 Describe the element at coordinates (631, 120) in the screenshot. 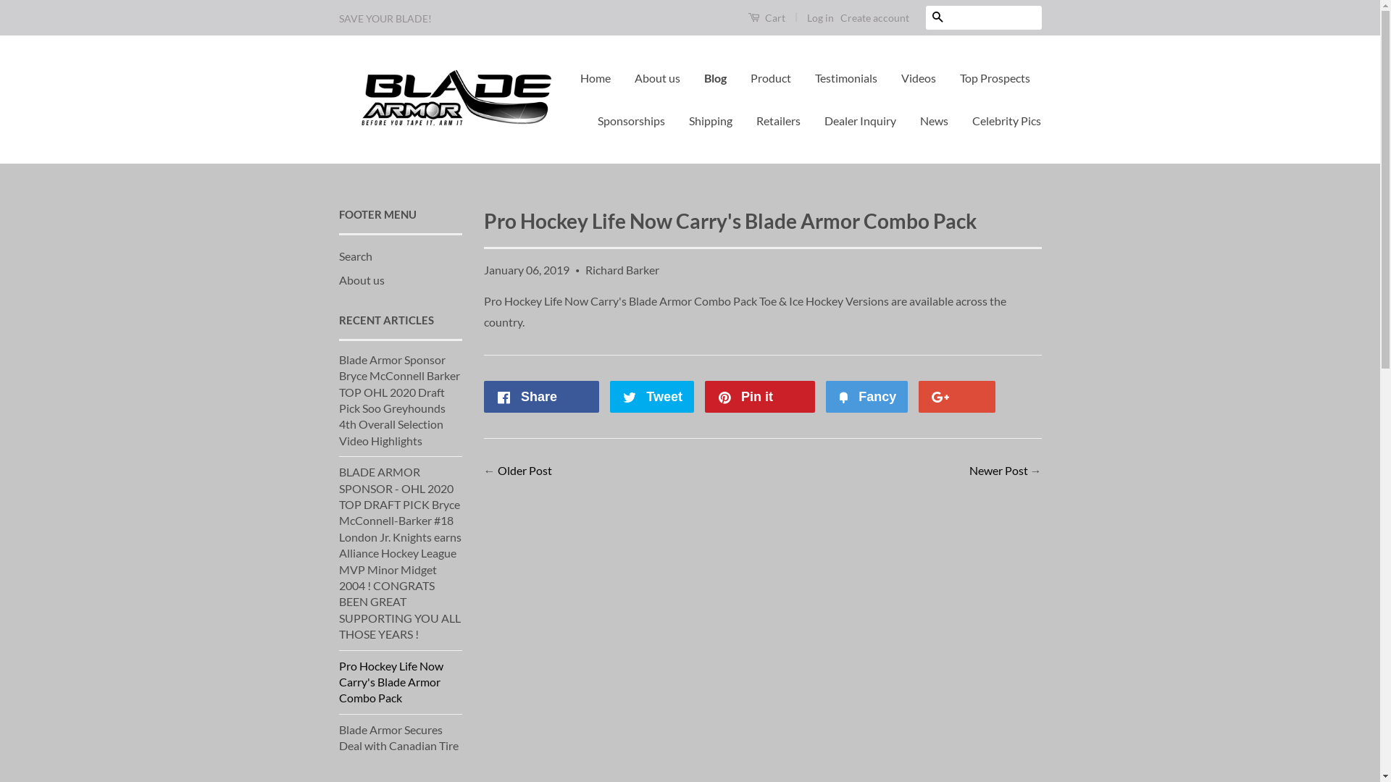

I see `'Sponsorships'` at that location.